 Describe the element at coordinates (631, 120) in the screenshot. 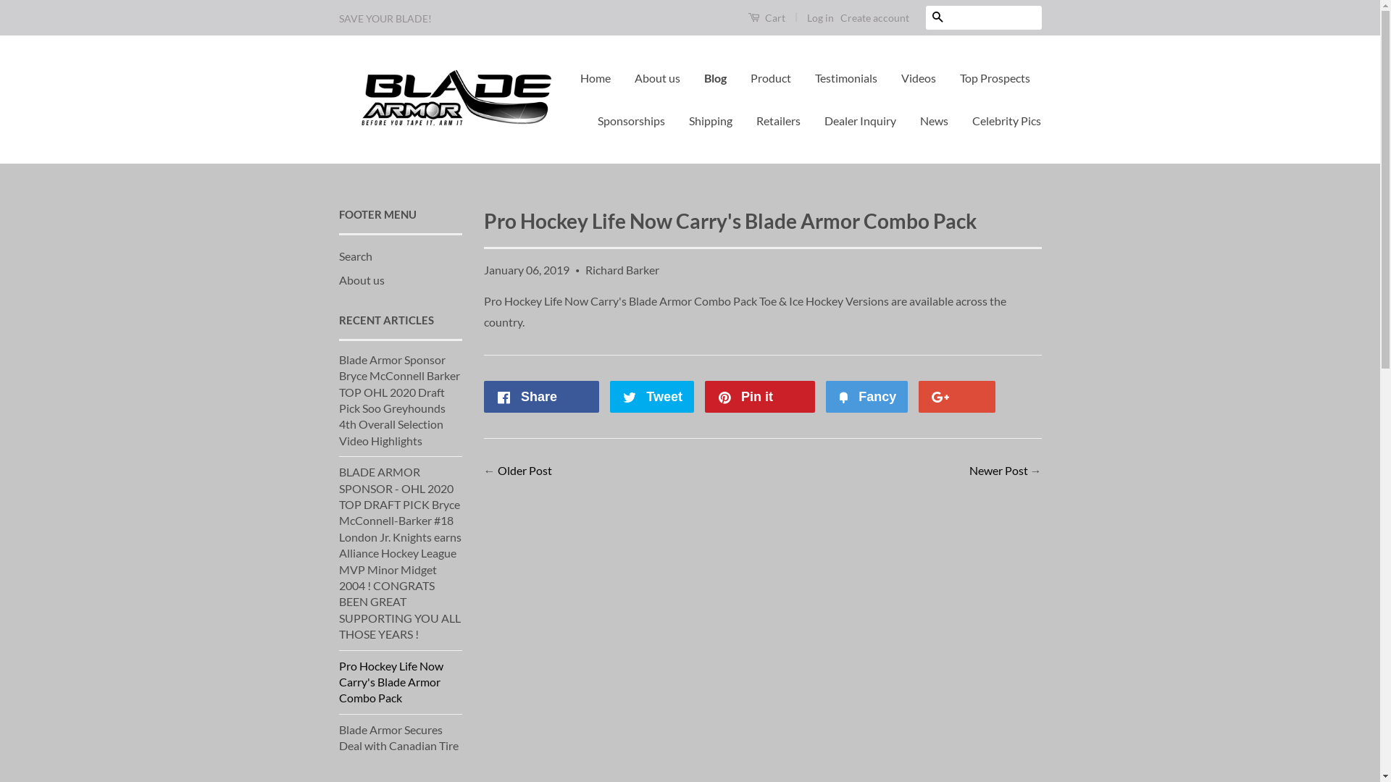

I see `'Sponsorships'` at that location.